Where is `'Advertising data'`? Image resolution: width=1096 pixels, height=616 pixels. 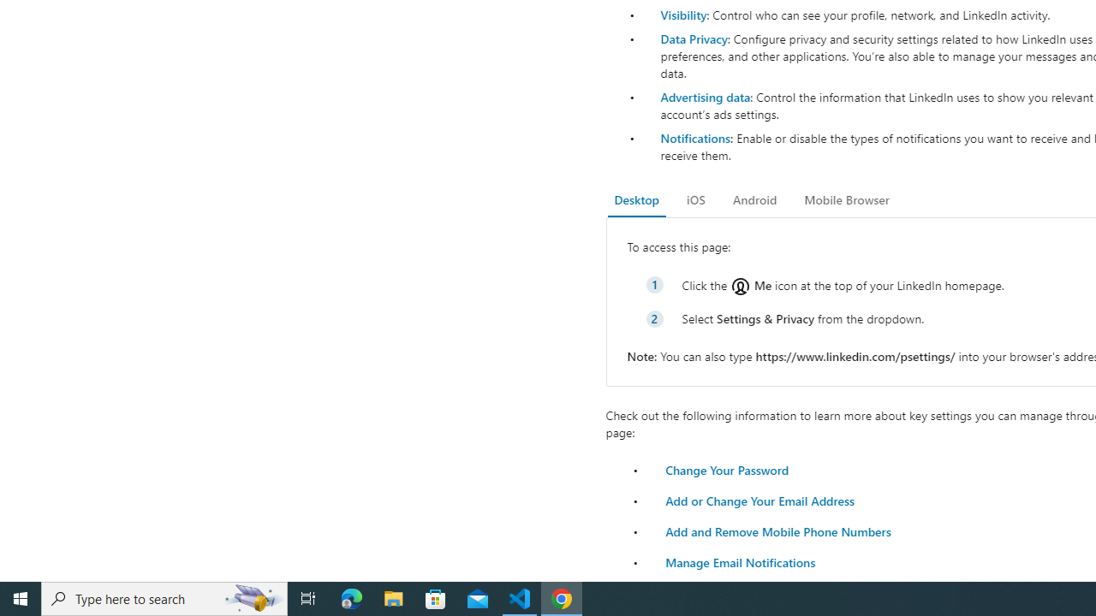 'Advertising data' is located at coordinates (705, 97).